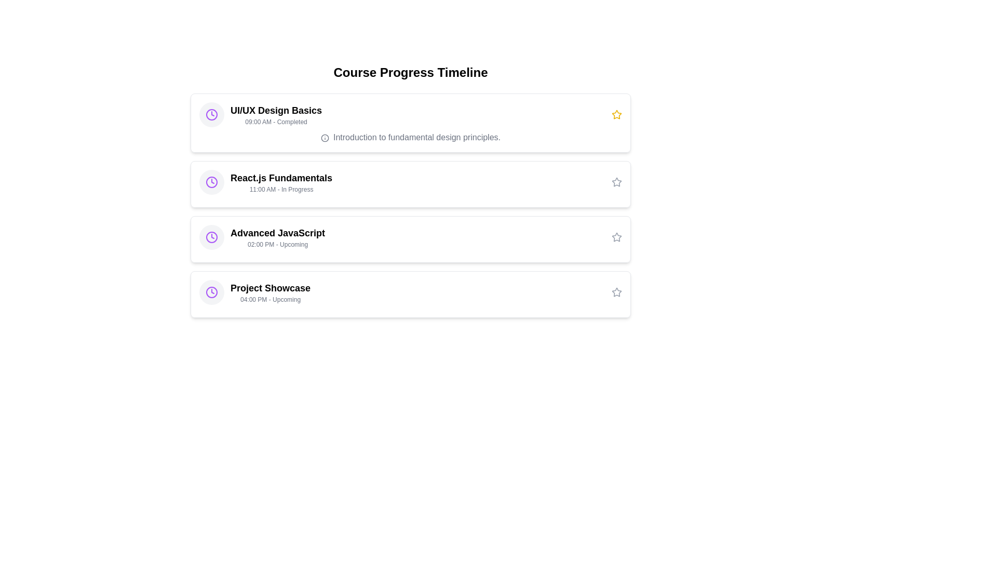  What do you see at coordinates (266, 182) in the screenshot?
I see `the information displayed in the scheduled course list item located between 'UI/UX Design Basics' and 'Advanced JavaScript'` at bounding box center [266, 182].